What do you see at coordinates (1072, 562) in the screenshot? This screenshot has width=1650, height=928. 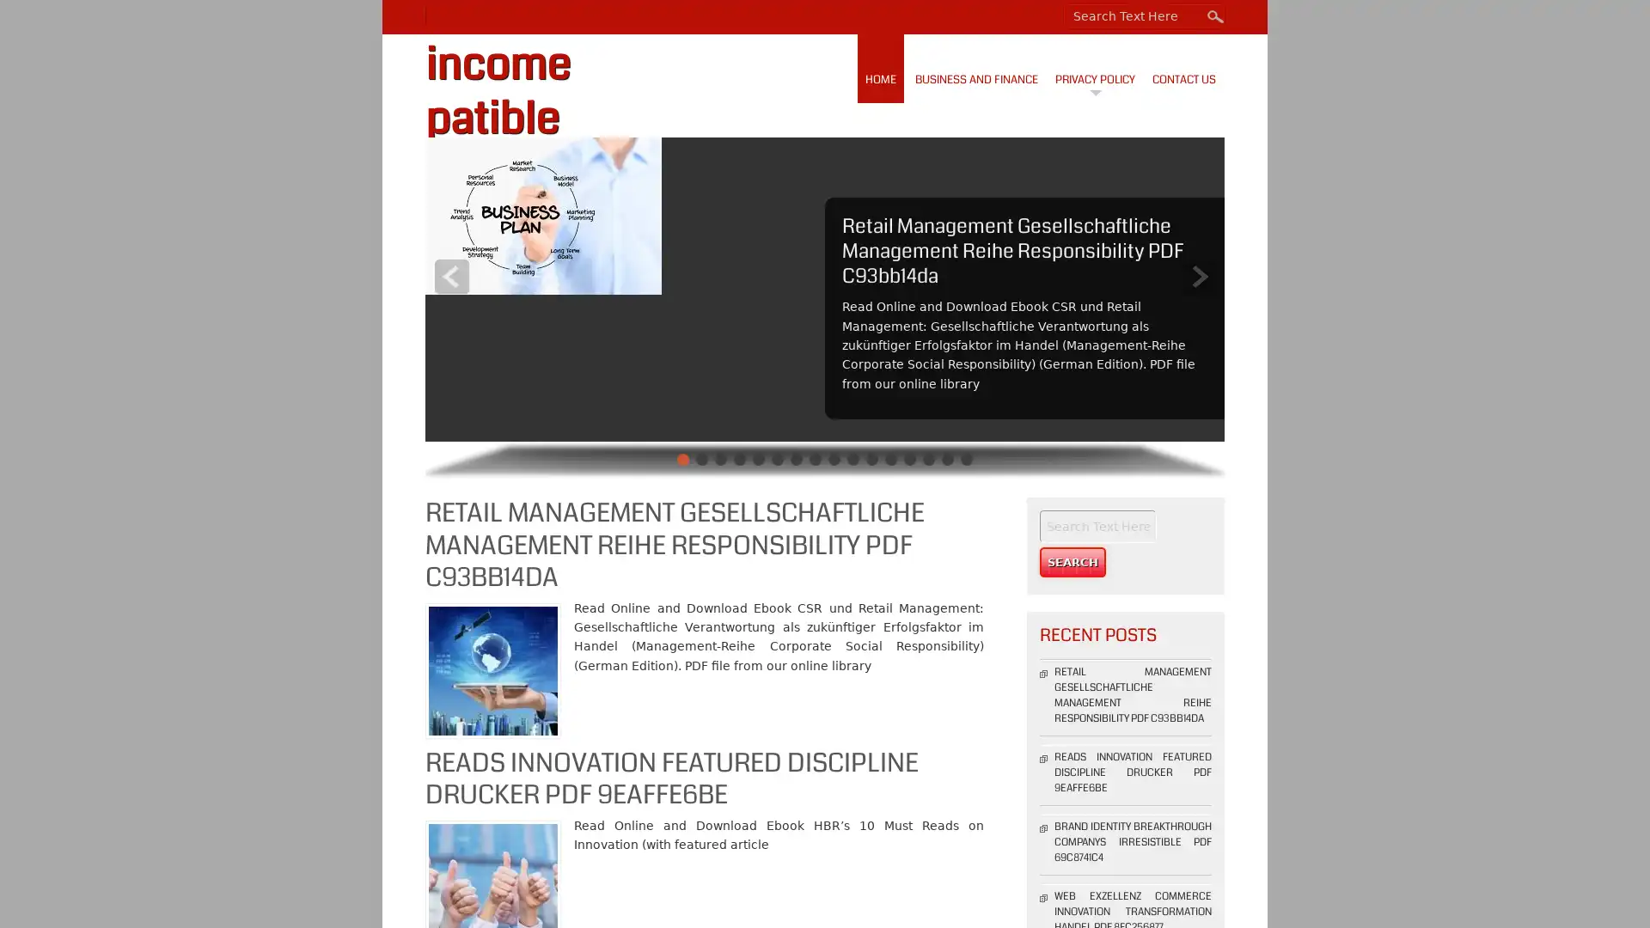 I see `Search` at bounding box center [1072, 562].